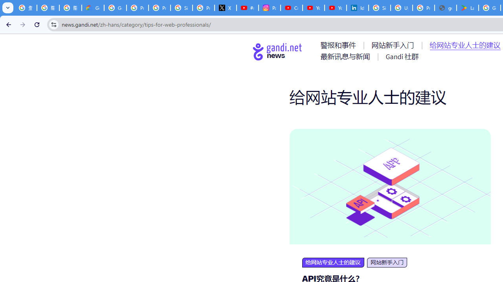 This screenshot has width=503, height=282. Describe the element at coordinates (225, 8) in the screenshot. I see `'X'` at that location.